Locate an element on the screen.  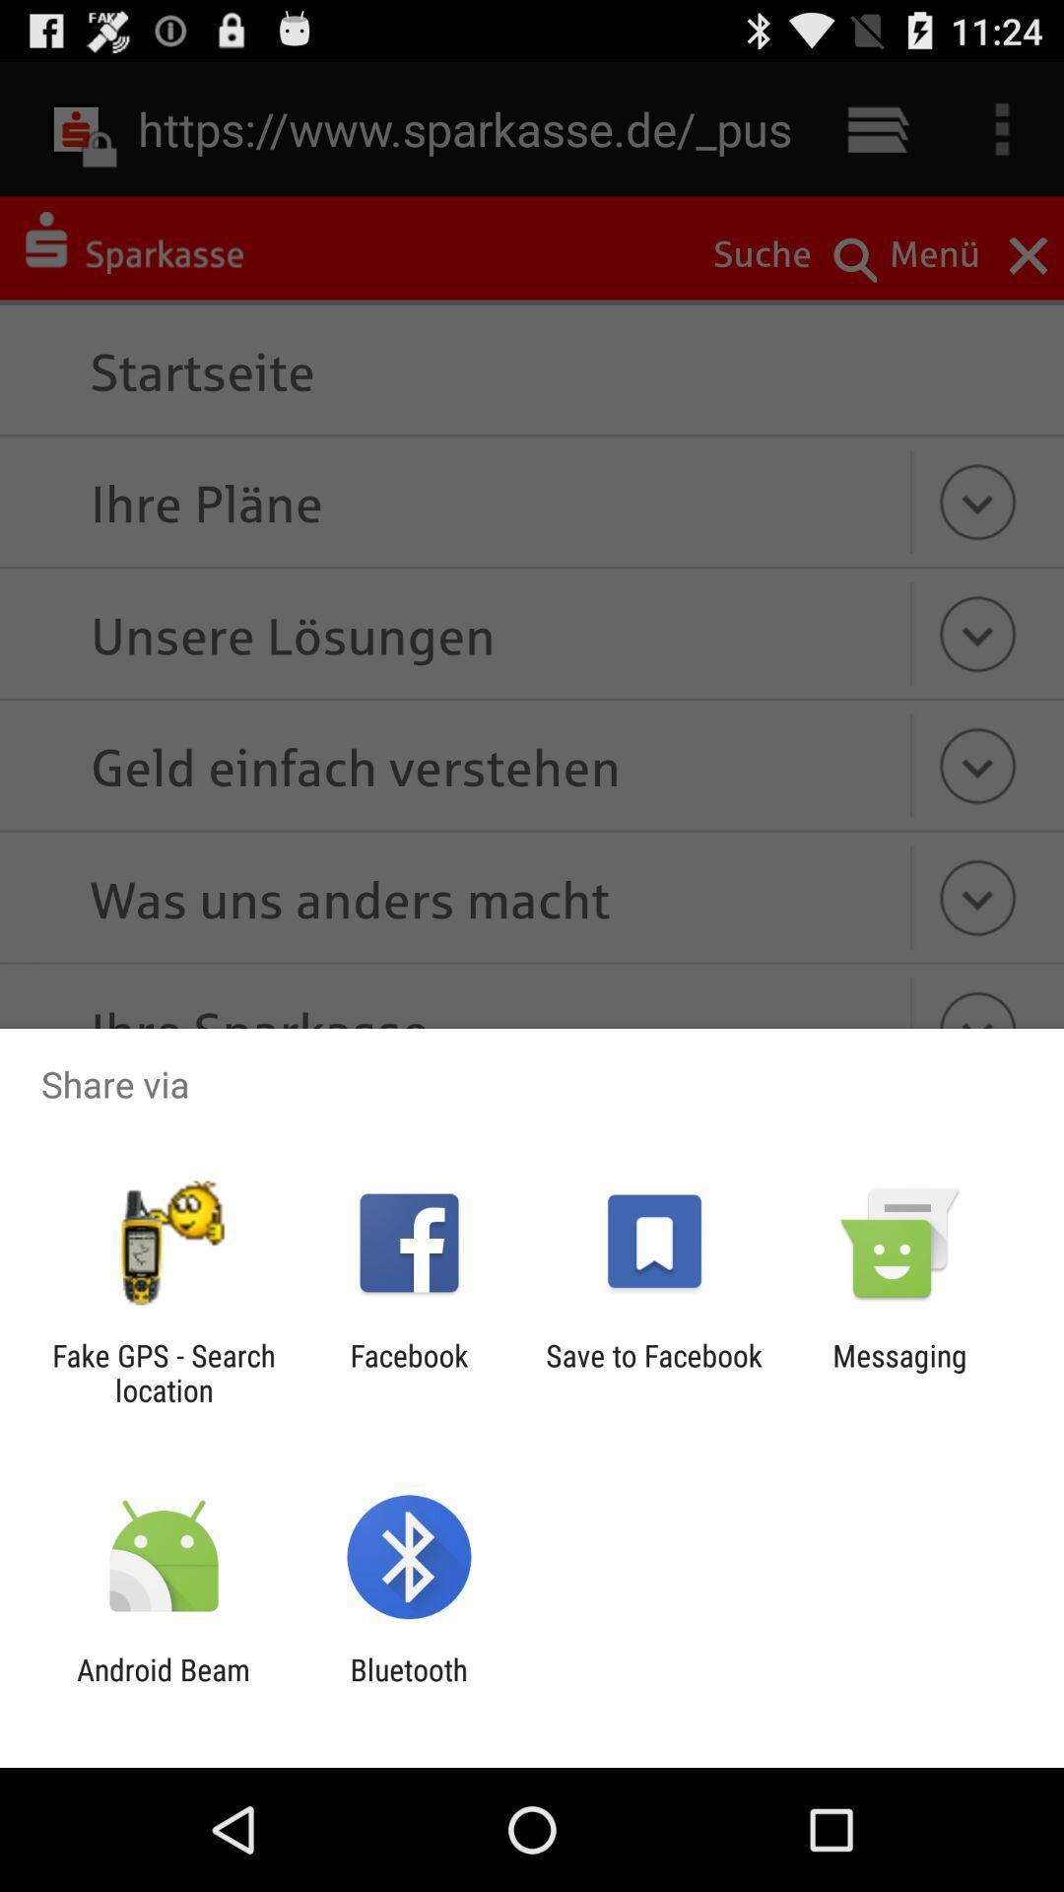
icon to the right of facebook app is located at coordinates (654, 1372).